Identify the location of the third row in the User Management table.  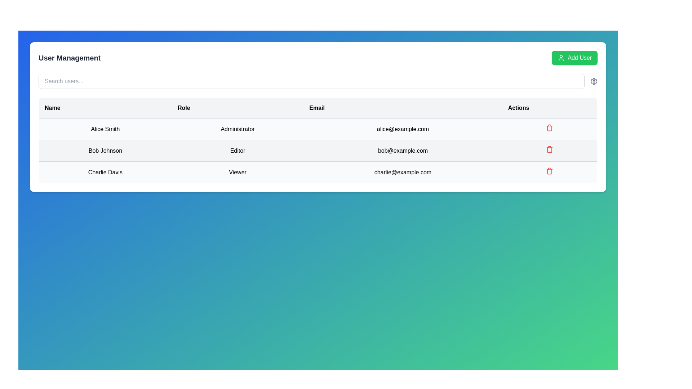
(318, 172).